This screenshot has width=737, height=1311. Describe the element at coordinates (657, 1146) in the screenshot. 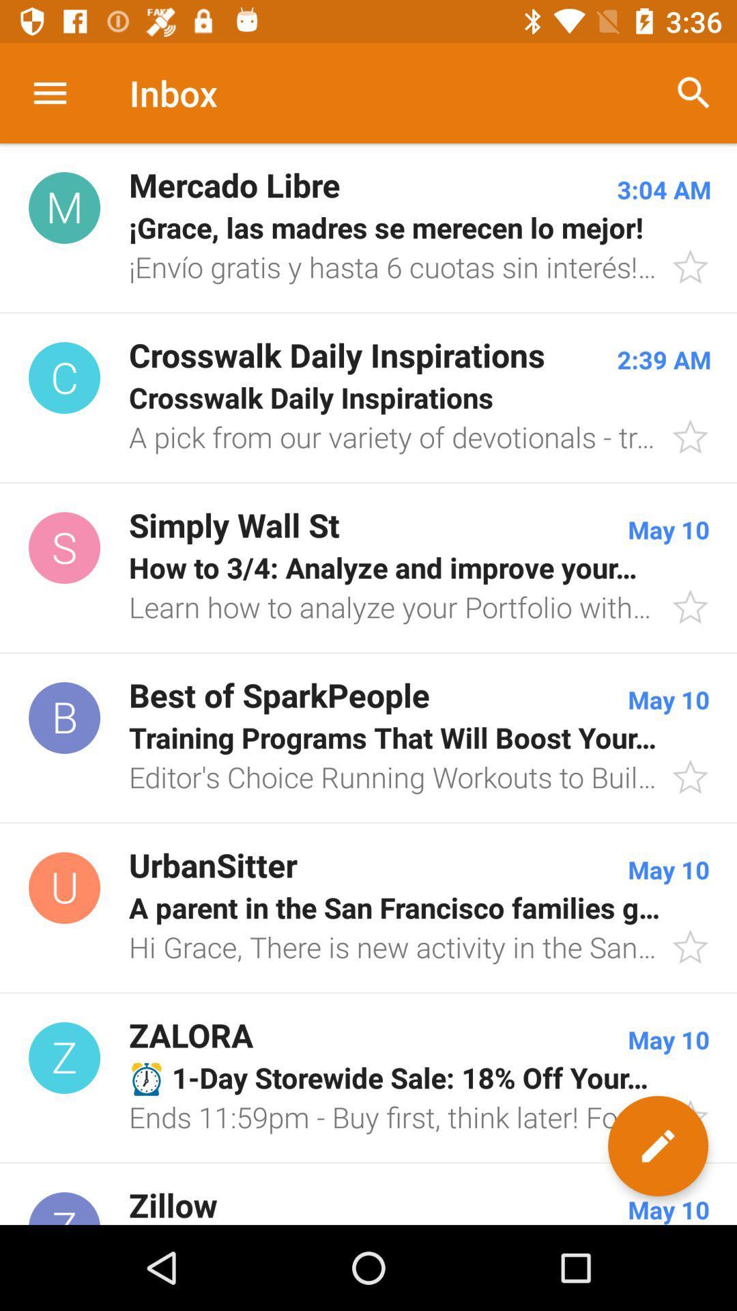

I see `the edit icon` at that location.